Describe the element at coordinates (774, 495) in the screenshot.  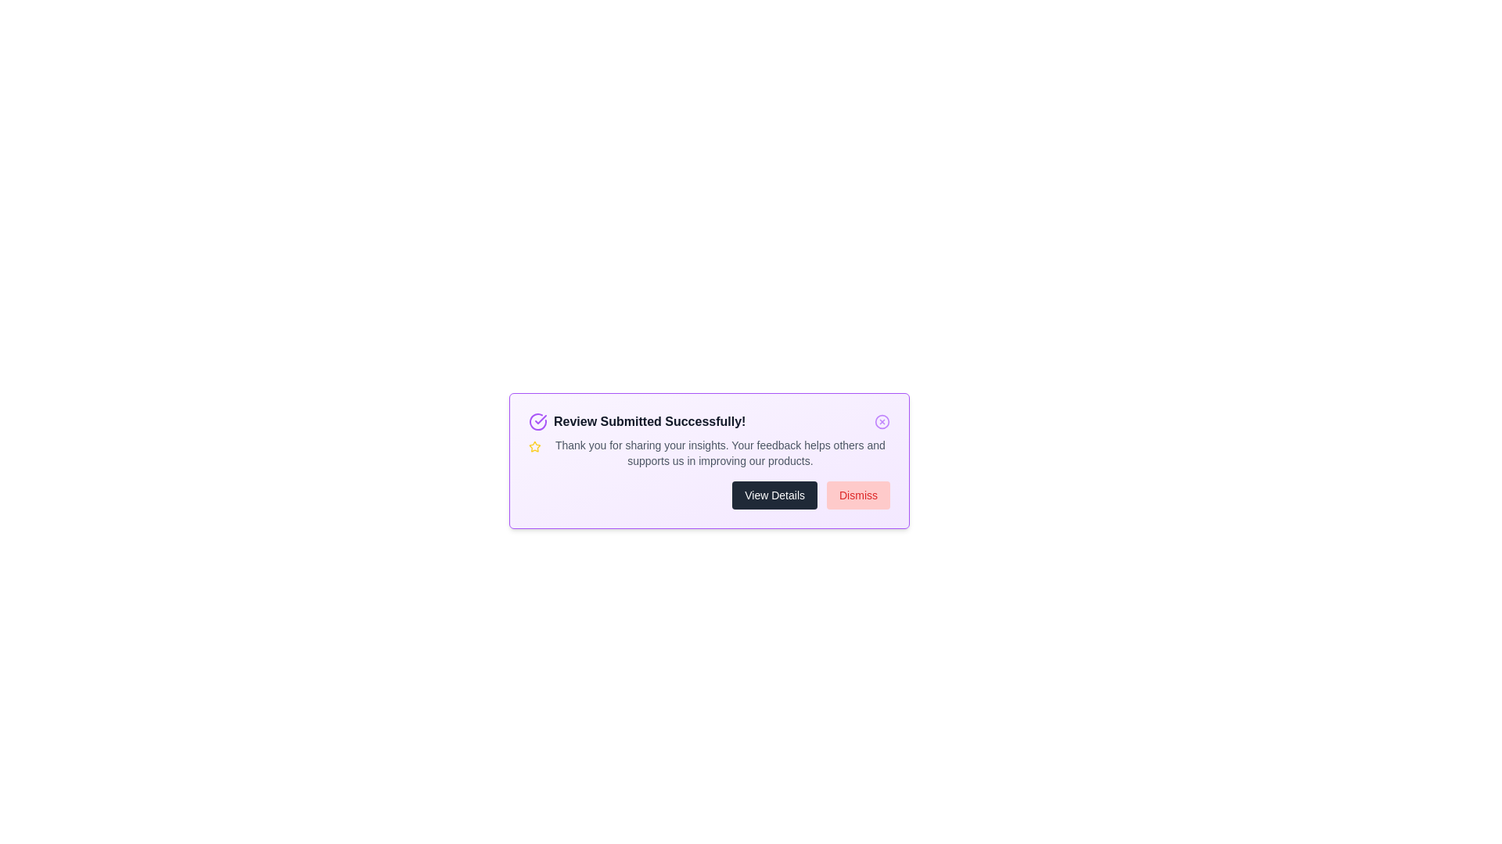
I see `the 'View Details' button` at that location.